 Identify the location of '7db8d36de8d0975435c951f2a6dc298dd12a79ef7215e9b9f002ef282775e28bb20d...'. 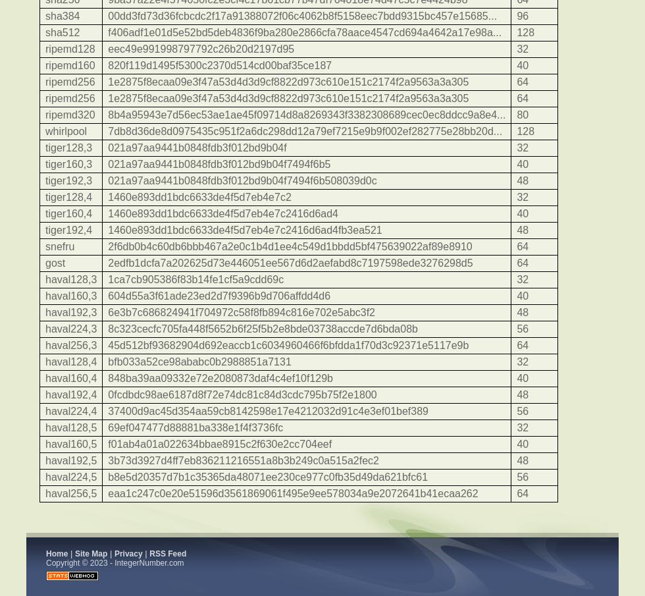
(107, 131).